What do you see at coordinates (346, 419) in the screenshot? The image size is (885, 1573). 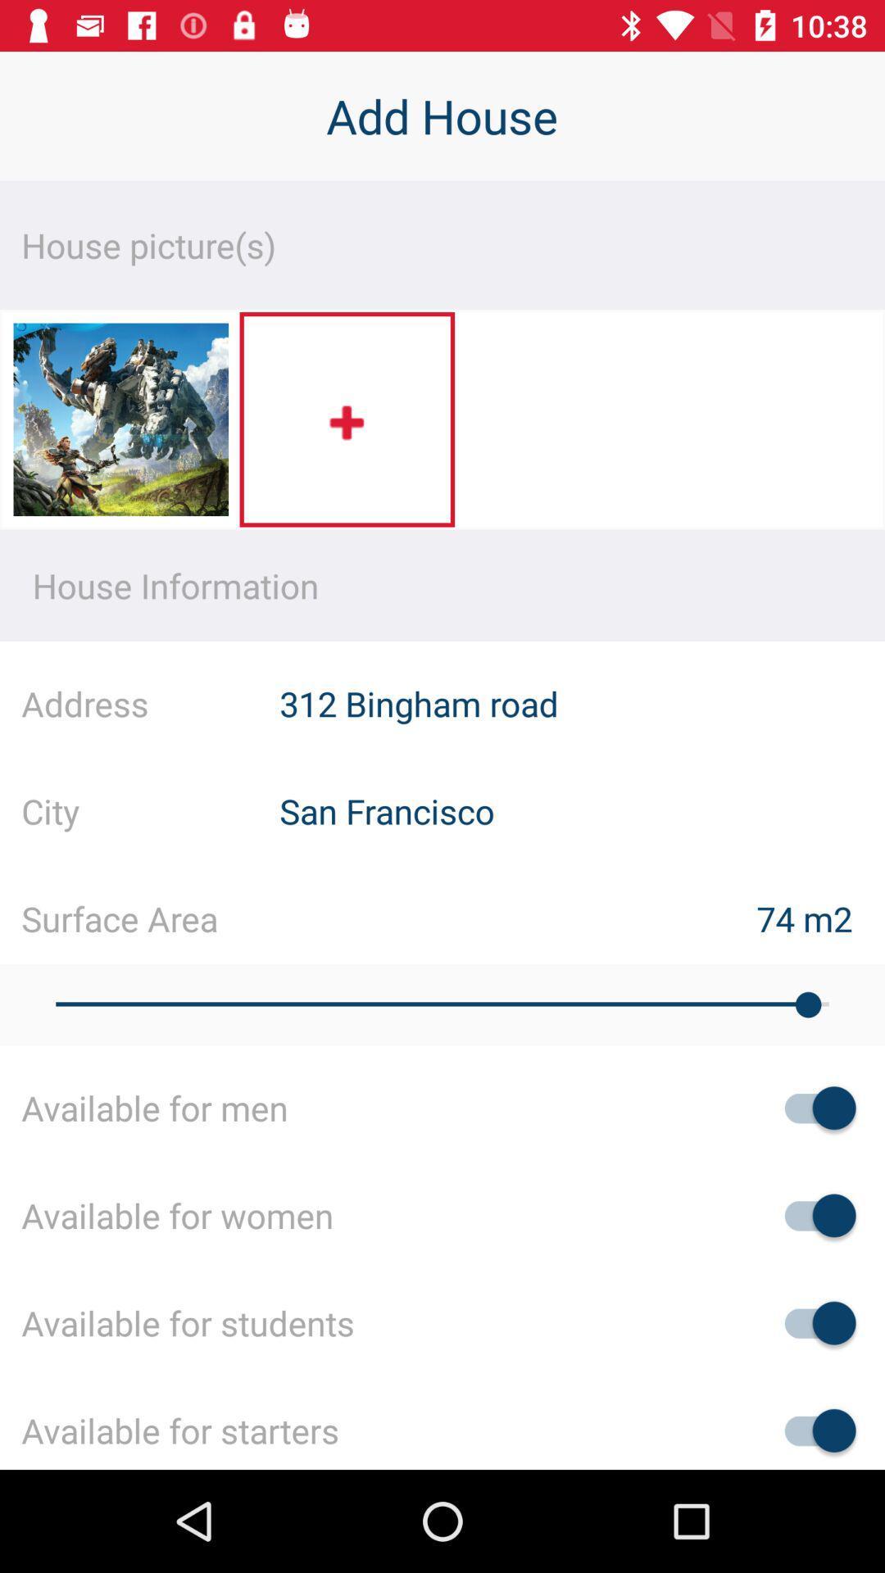 I see `the item above the house information` at bounding box center [346, 419].